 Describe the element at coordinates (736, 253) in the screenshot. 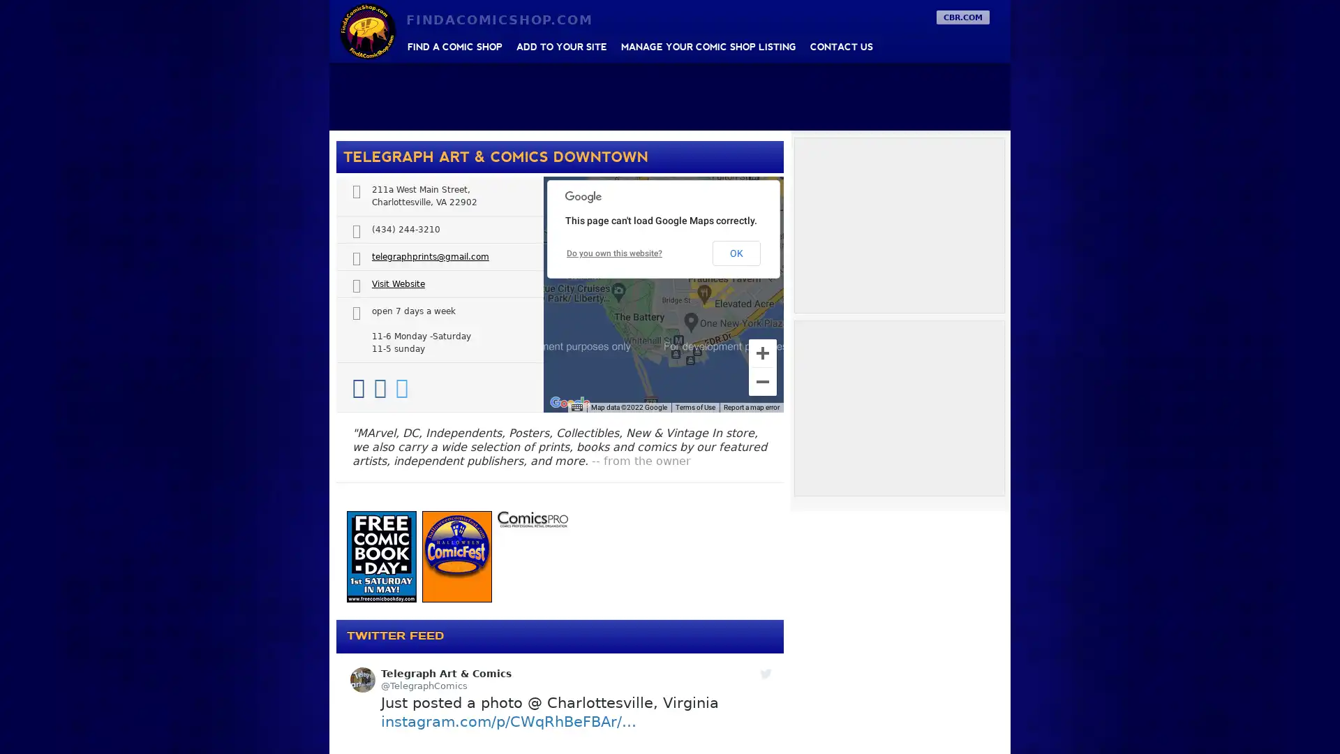

I see `OK` at that location.